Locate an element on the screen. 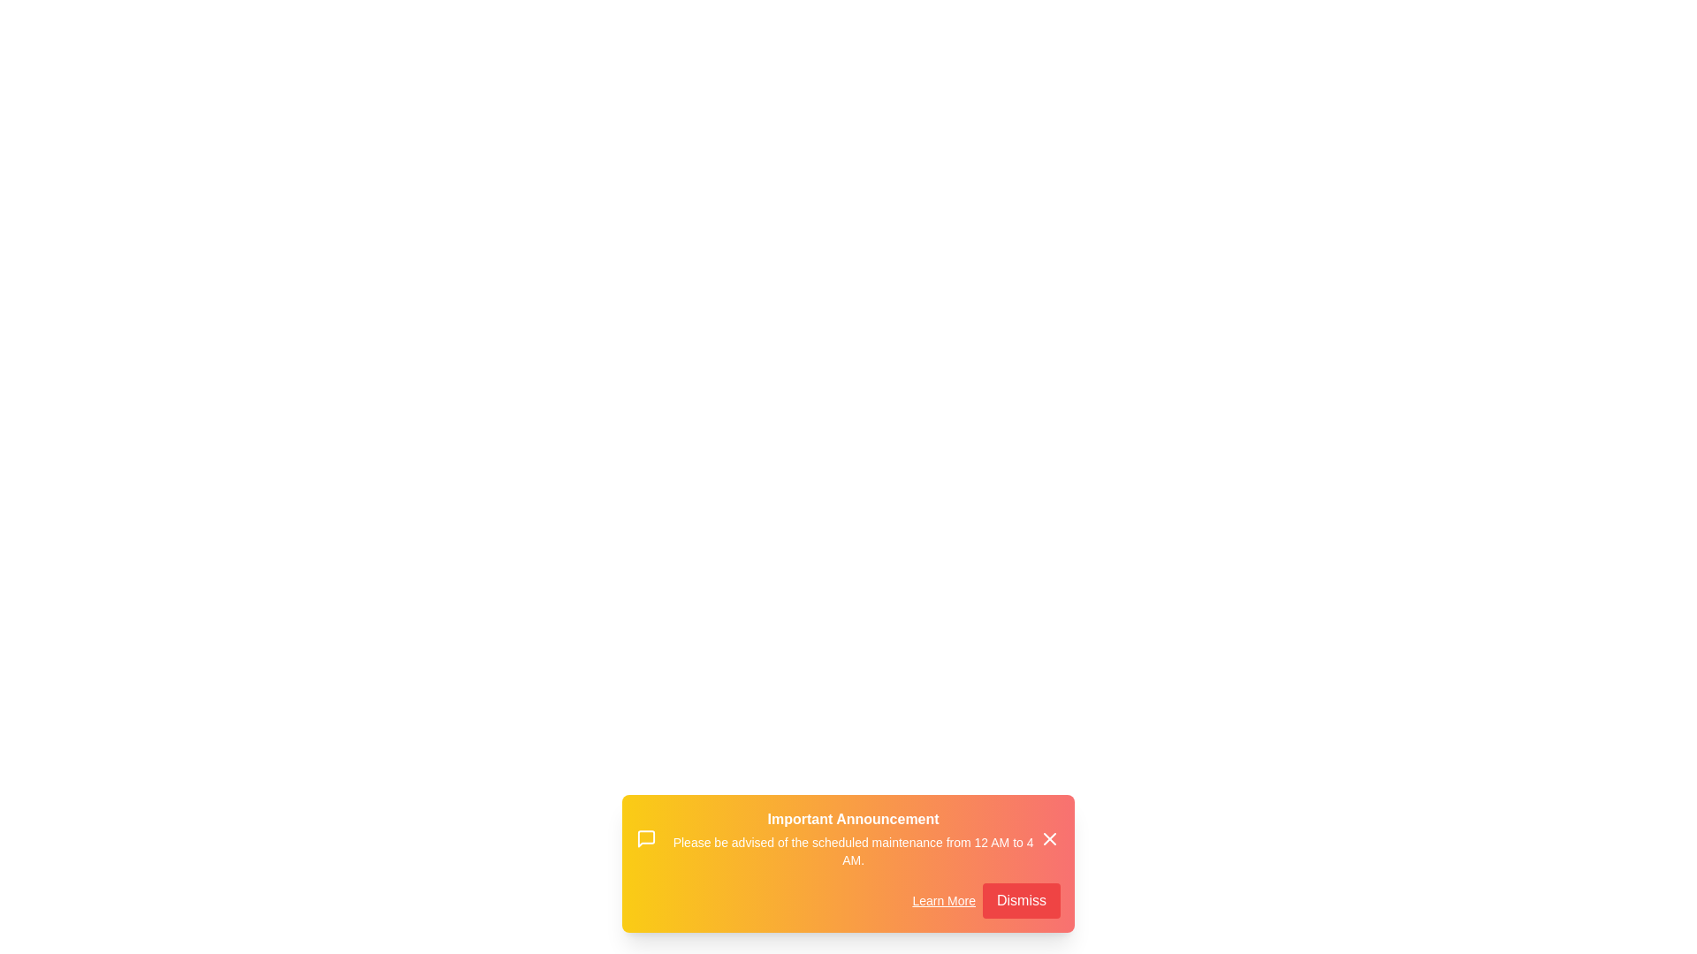  the icon representing a message or commentary associated with the announcement text, located at the leftmost side of the announcement box aligned with the 'Important Announcement' text is located at coordinates (645, 837).